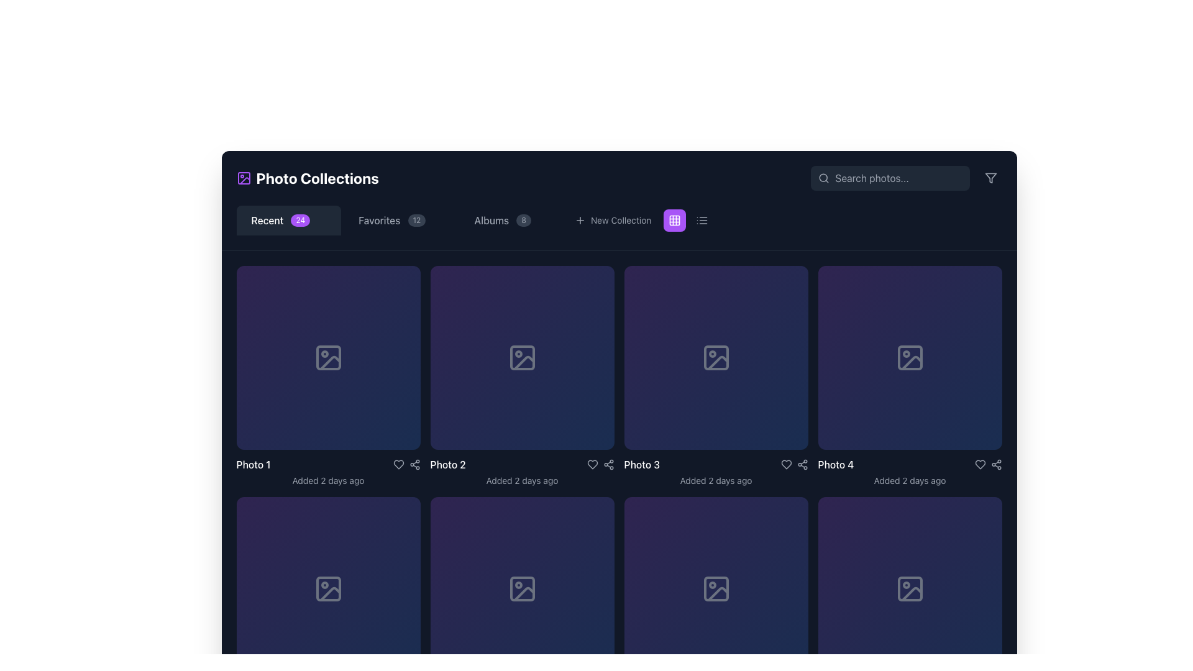  I want to click on the share icon button located below 'Photo 2', which is the third icon in a row, to change its color, so click(414, 465).